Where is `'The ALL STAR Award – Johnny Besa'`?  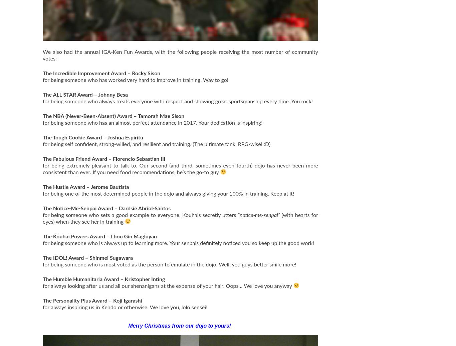
'The ALL STAR Award – Johnny Besa' is located at coordinates (85, 94).